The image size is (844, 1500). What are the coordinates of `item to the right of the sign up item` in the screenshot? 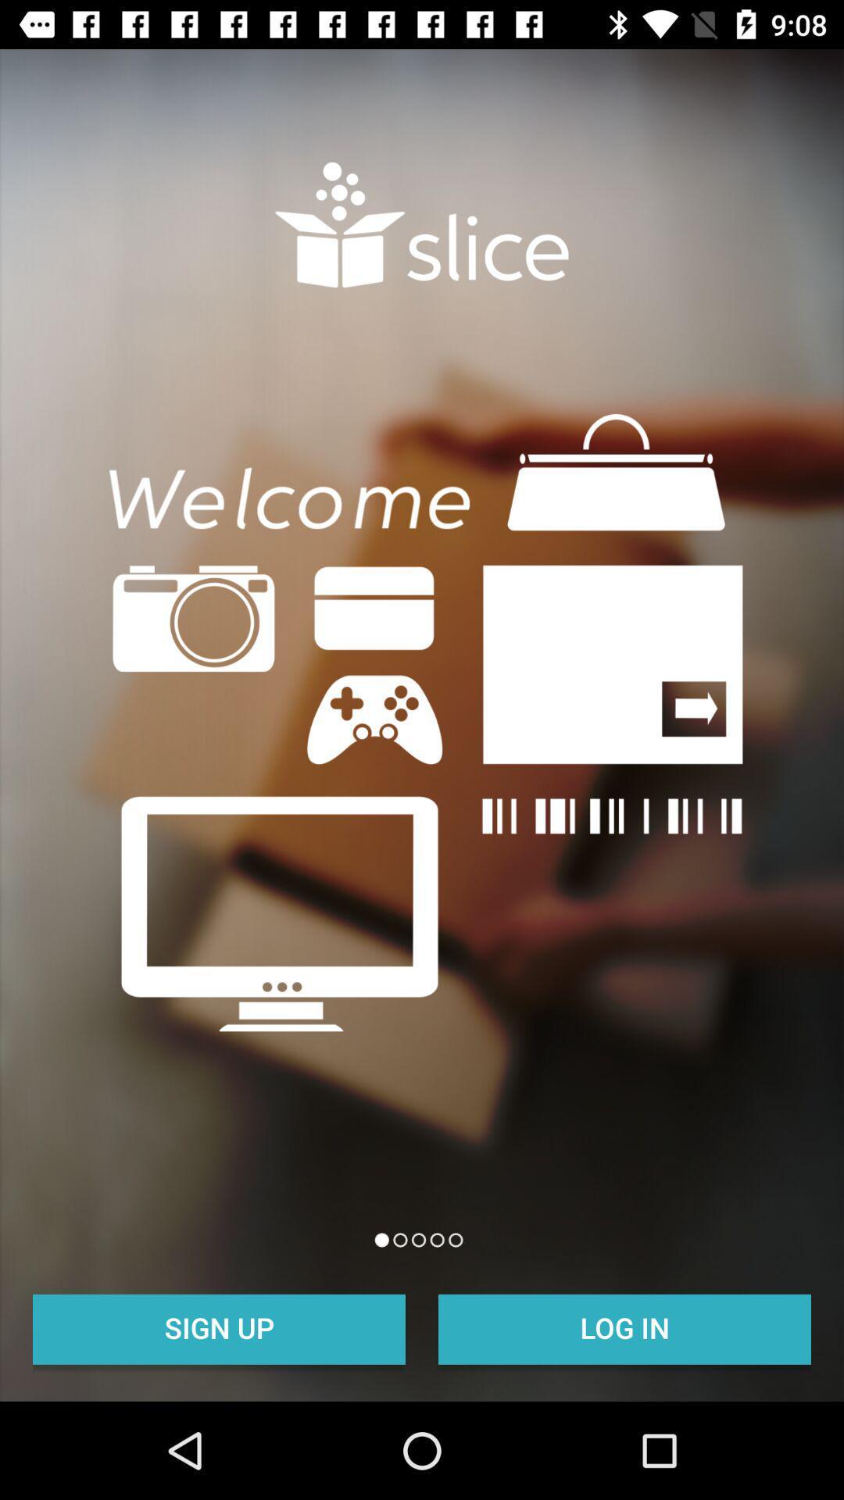 It's located at (624, 1327).